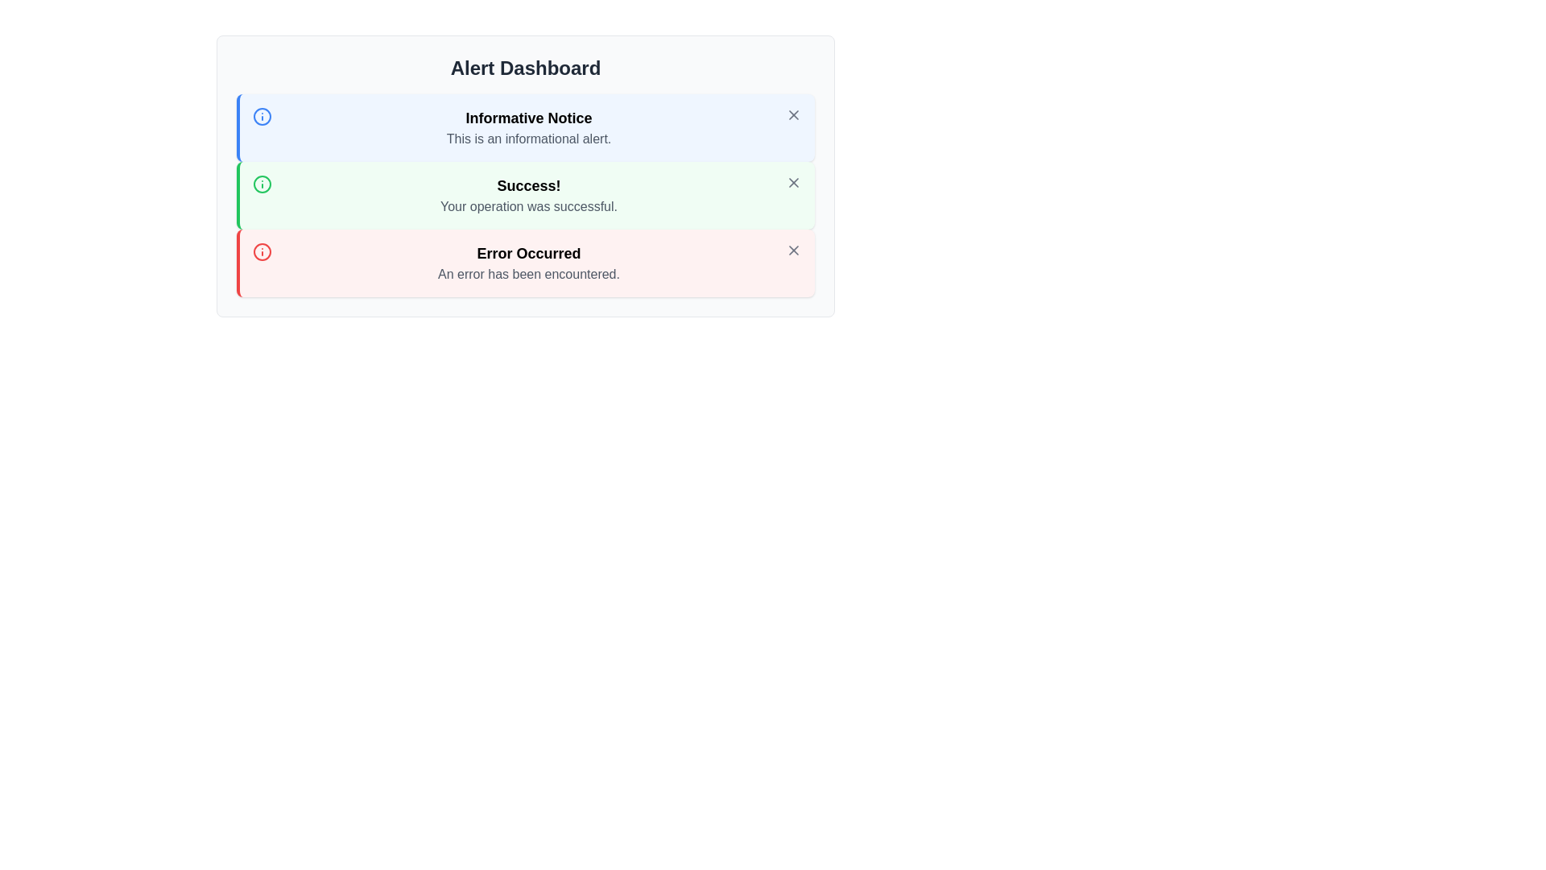 The width and height of the screenshot is (1546, 870). Describe the element at coordinates (793, 251) in the screenshot. I see `the center of the Close Button represented by a diagonal cross line in the top-right corner of the 'Error Occurred' alert box` at that location.